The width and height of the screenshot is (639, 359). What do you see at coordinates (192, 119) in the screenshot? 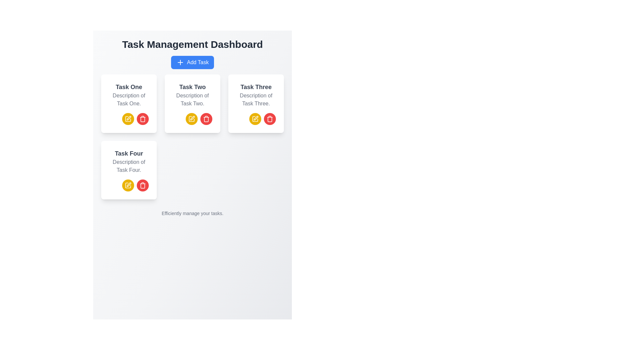
I see `the edit button located in the bottom right corner of the 'Task Two' card, which allows users to modify the task details` at bounding box center [192, 119].